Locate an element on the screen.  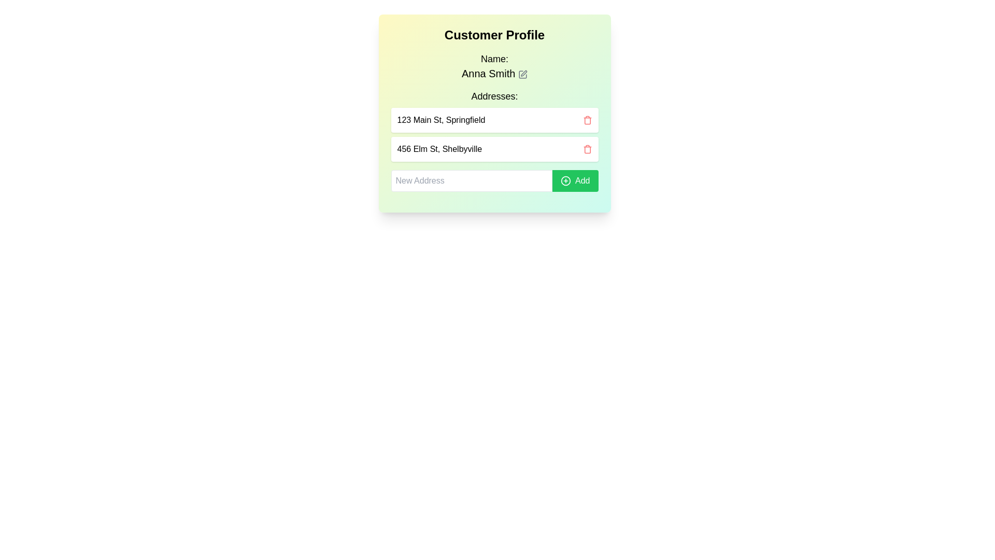
the edit icon located next to the label 'Anna Smith' in the dialog box is located at coordinates (524, 73).